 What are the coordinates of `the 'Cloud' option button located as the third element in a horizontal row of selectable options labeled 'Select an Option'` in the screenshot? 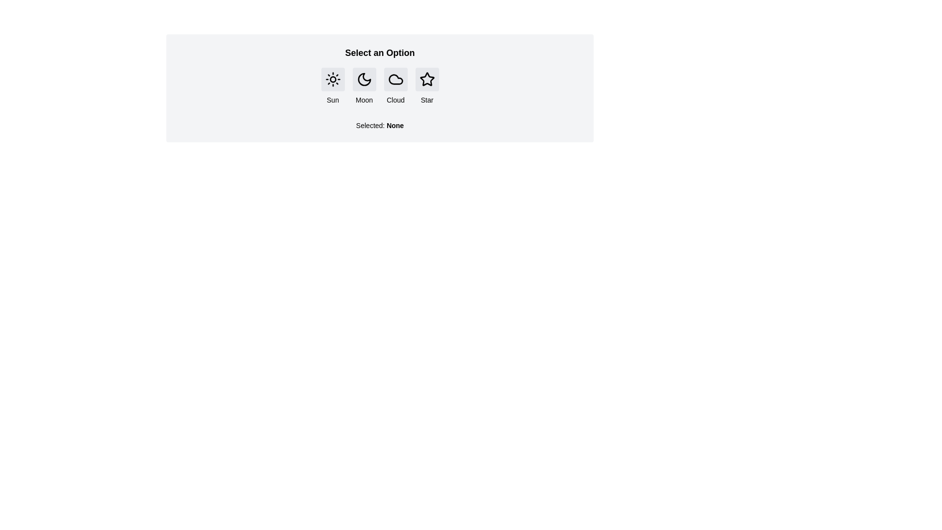 It's located at (395, 79).